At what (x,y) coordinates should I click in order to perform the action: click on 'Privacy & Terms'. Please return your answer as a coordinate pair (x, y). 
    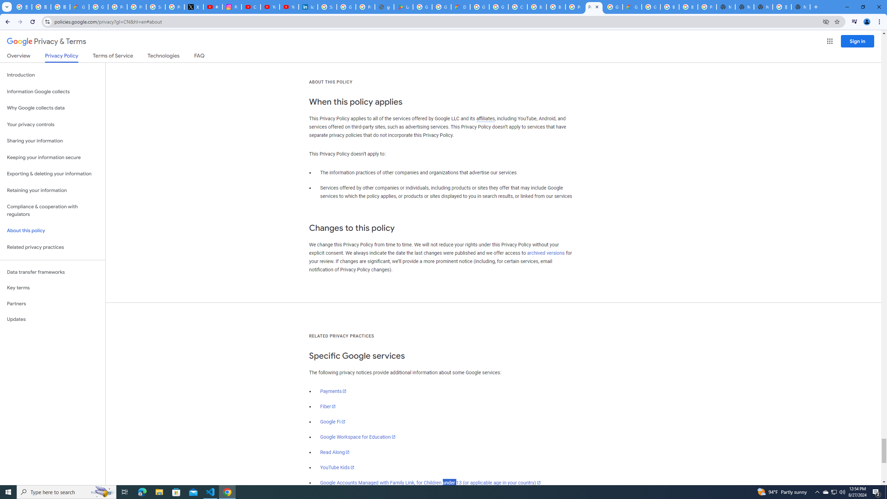
    Looking at the image, I should click on (46, 41).